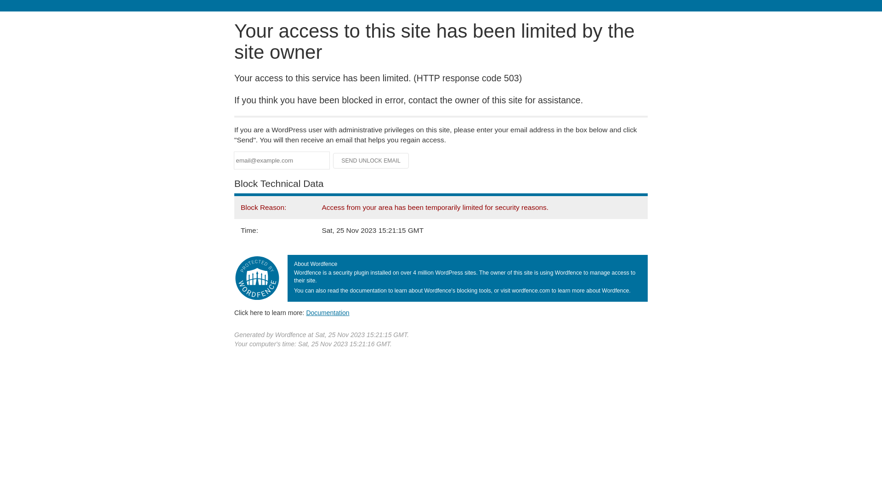  Describe the element at coordinates (328, 312) in the screenshot. I see `'Documentation'` at that location.